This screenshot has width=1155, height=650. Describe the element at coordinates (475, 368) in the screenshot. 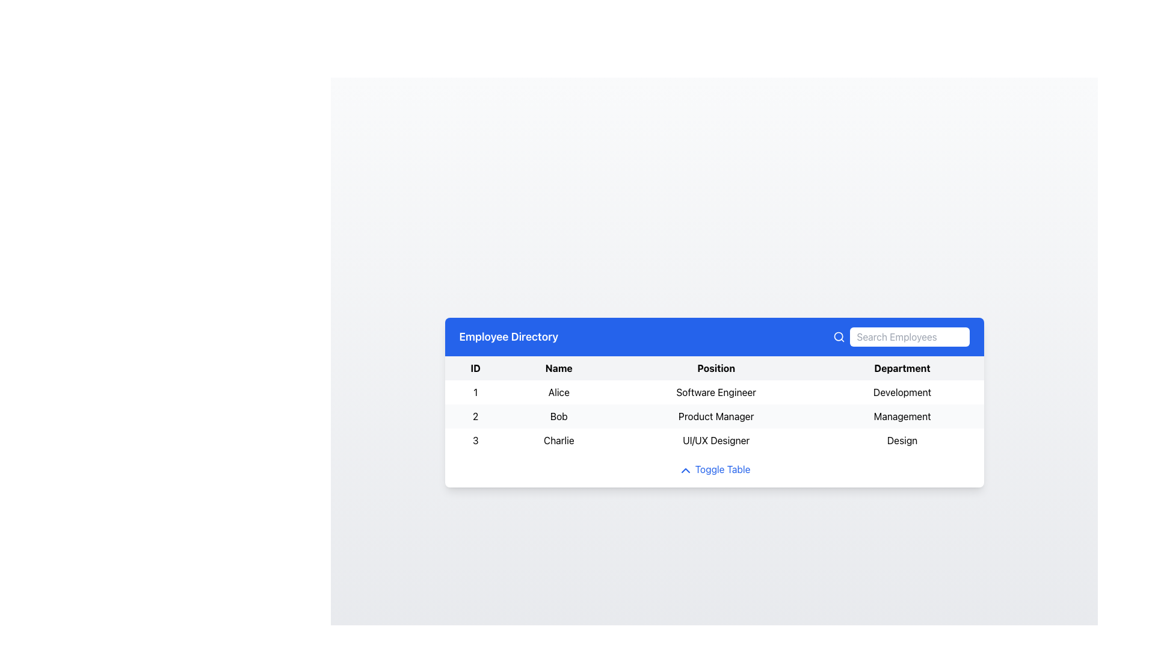

I see `the 'ID' column header in the table, which is the first header item indicating identifier values for the entities listed` at that location.